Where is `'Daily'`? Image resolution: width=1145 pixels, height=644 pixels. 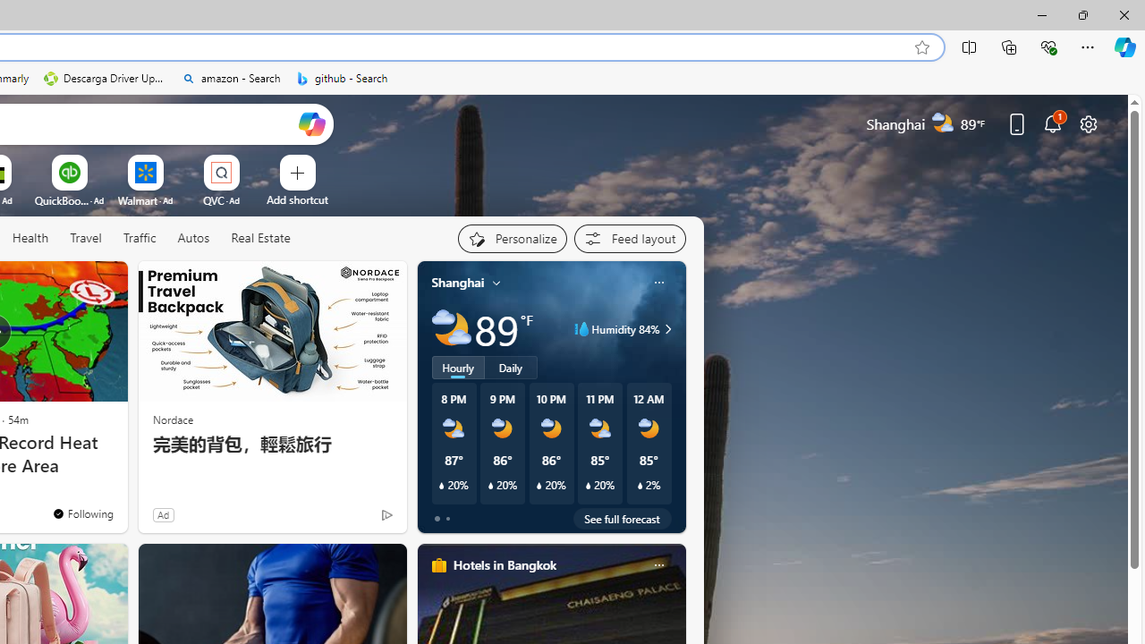
'Daily' is located at coordinates (510, 367).